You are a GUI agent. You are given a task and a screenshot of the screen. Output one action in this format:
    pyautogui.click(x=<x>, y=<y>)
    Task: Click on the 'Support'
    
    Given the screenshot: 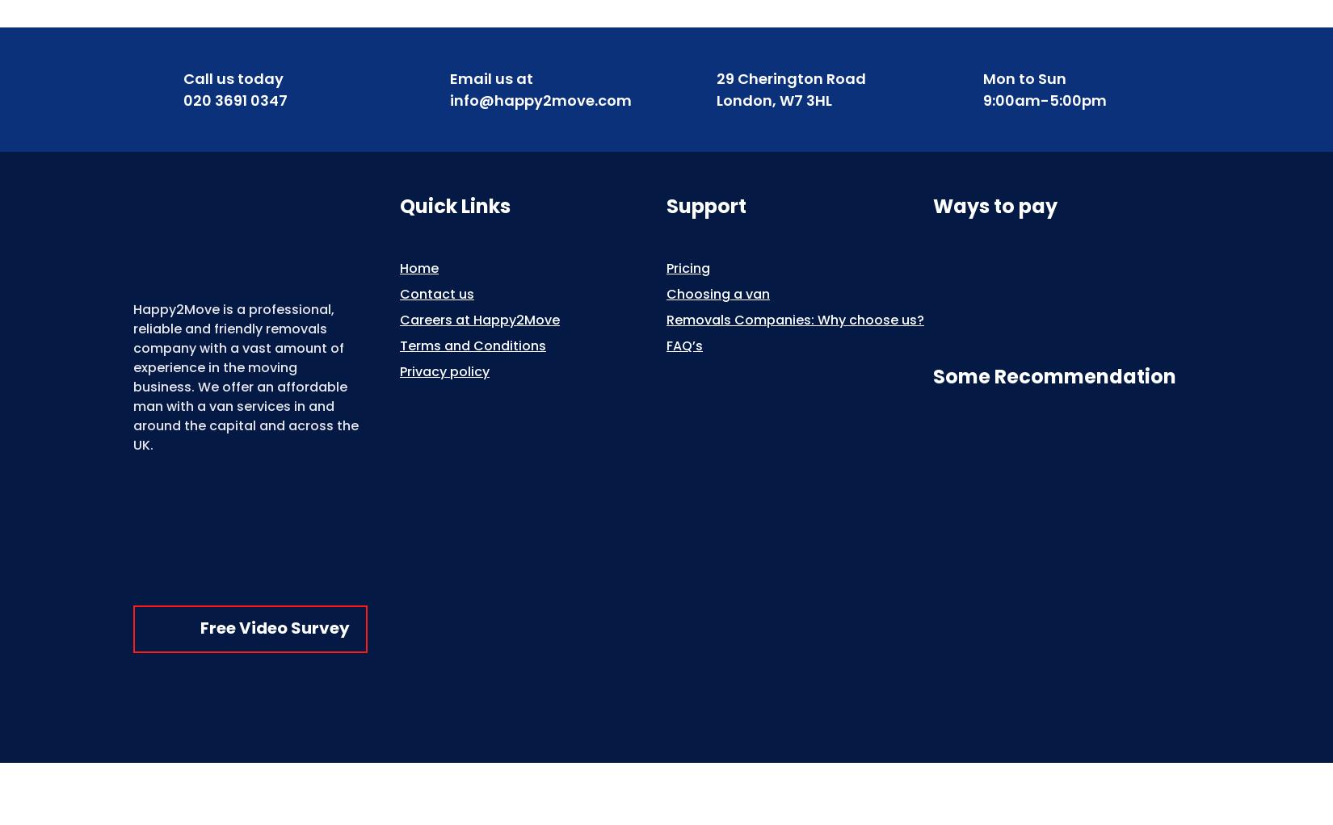 What is the action you would take?
    pyautogui.click(x=706, y=205)
    